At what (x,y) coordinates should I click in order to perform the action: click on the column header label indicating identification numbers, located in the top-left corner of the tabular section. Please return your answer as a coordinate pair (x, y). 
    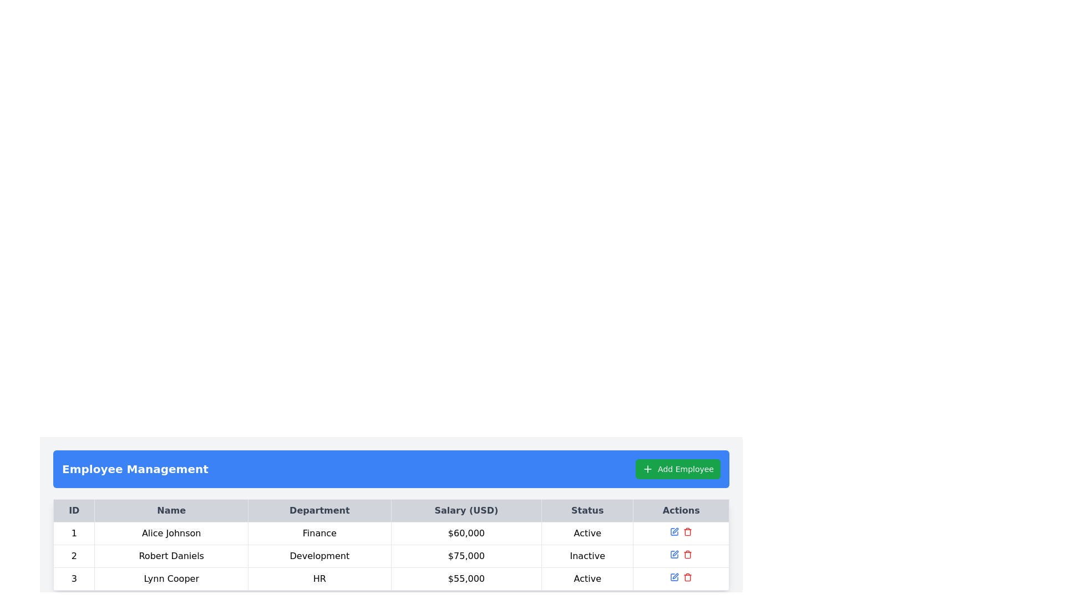
    Looking at the image, I should click on (73, 511).